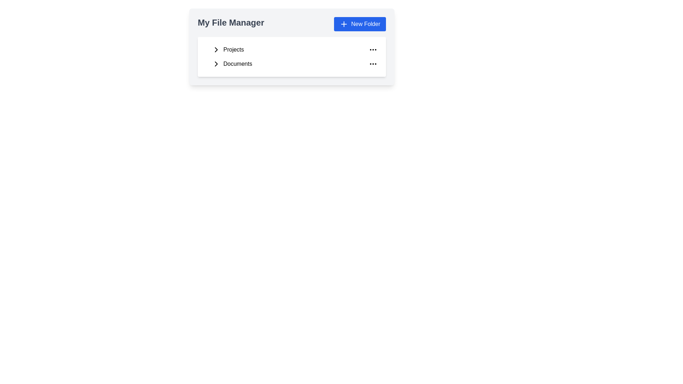 Image resolution: width=683 pixels, height=384 pixels. I want to click on the 'Documents' text label, which is the second item in a vertical list of menu items, located below 'Projects' and to the right of a chevron icon, so click(238, 64).